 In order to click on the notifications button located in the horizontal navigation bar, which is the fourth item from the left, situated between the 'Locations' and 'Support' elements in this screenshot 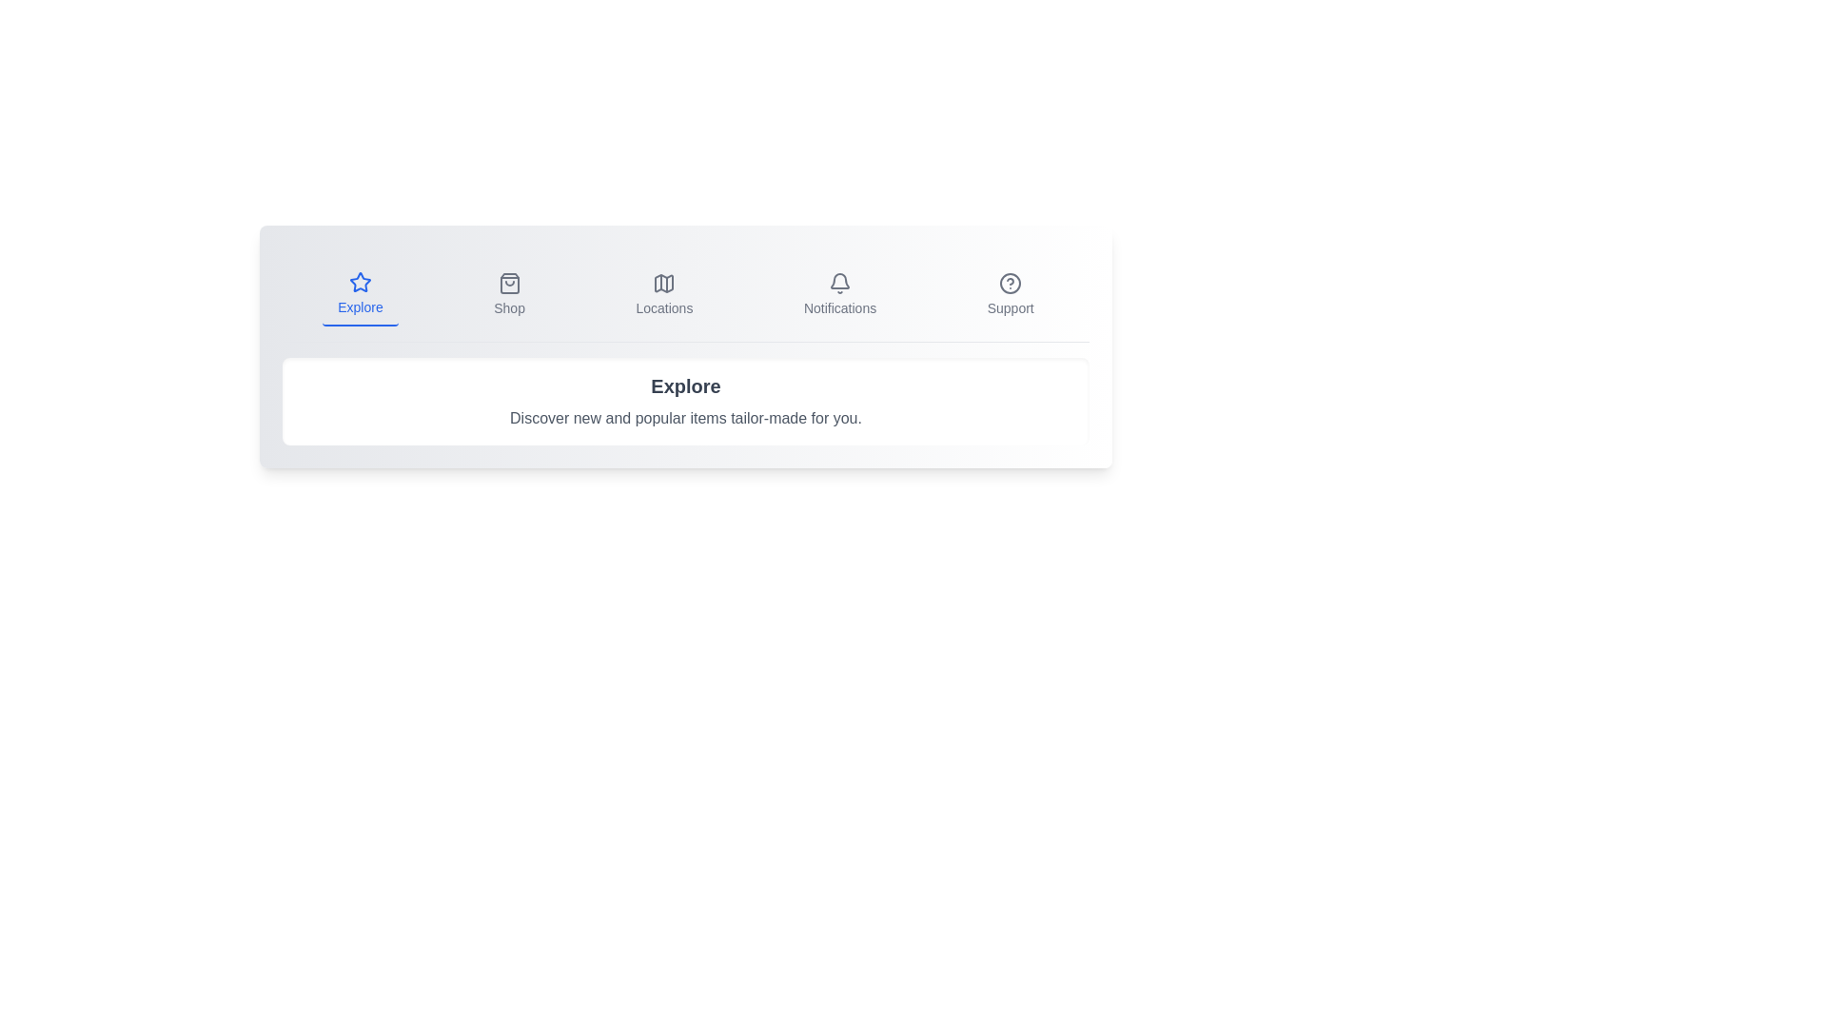, I will do `click(839, 294)`.